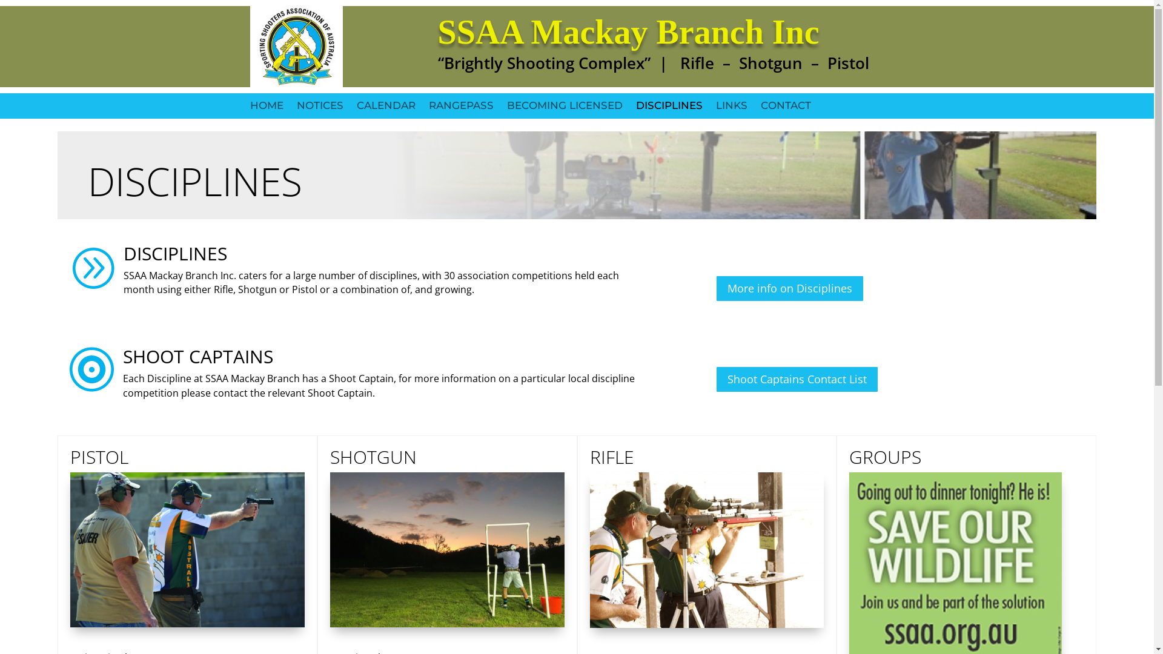  I want to click on 'CONTACT', so click(786, 112).